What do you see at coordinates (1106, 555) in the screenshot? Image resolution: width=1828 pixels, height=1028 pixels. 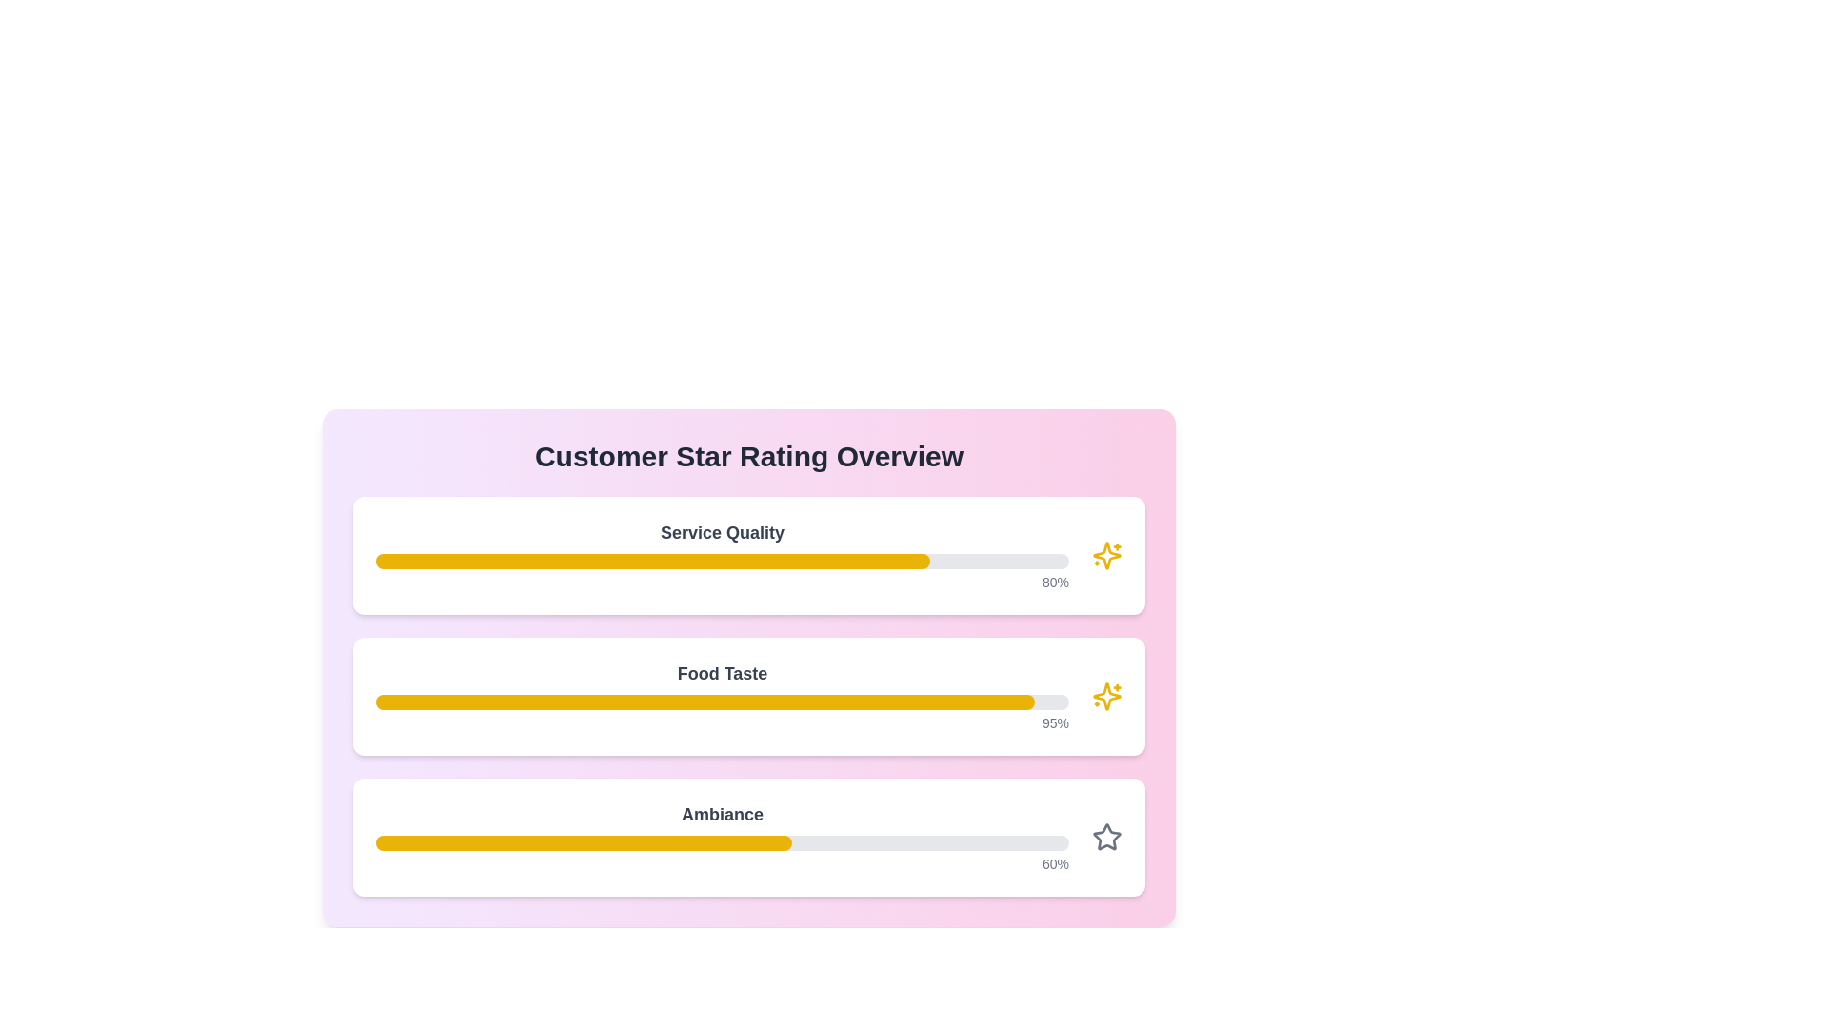 I see `the decorative icon located in the top-right corner of the 'Service Quality' section, adjacent to the progress bar and the text label '80%'` at bounding box center [1106, 555].